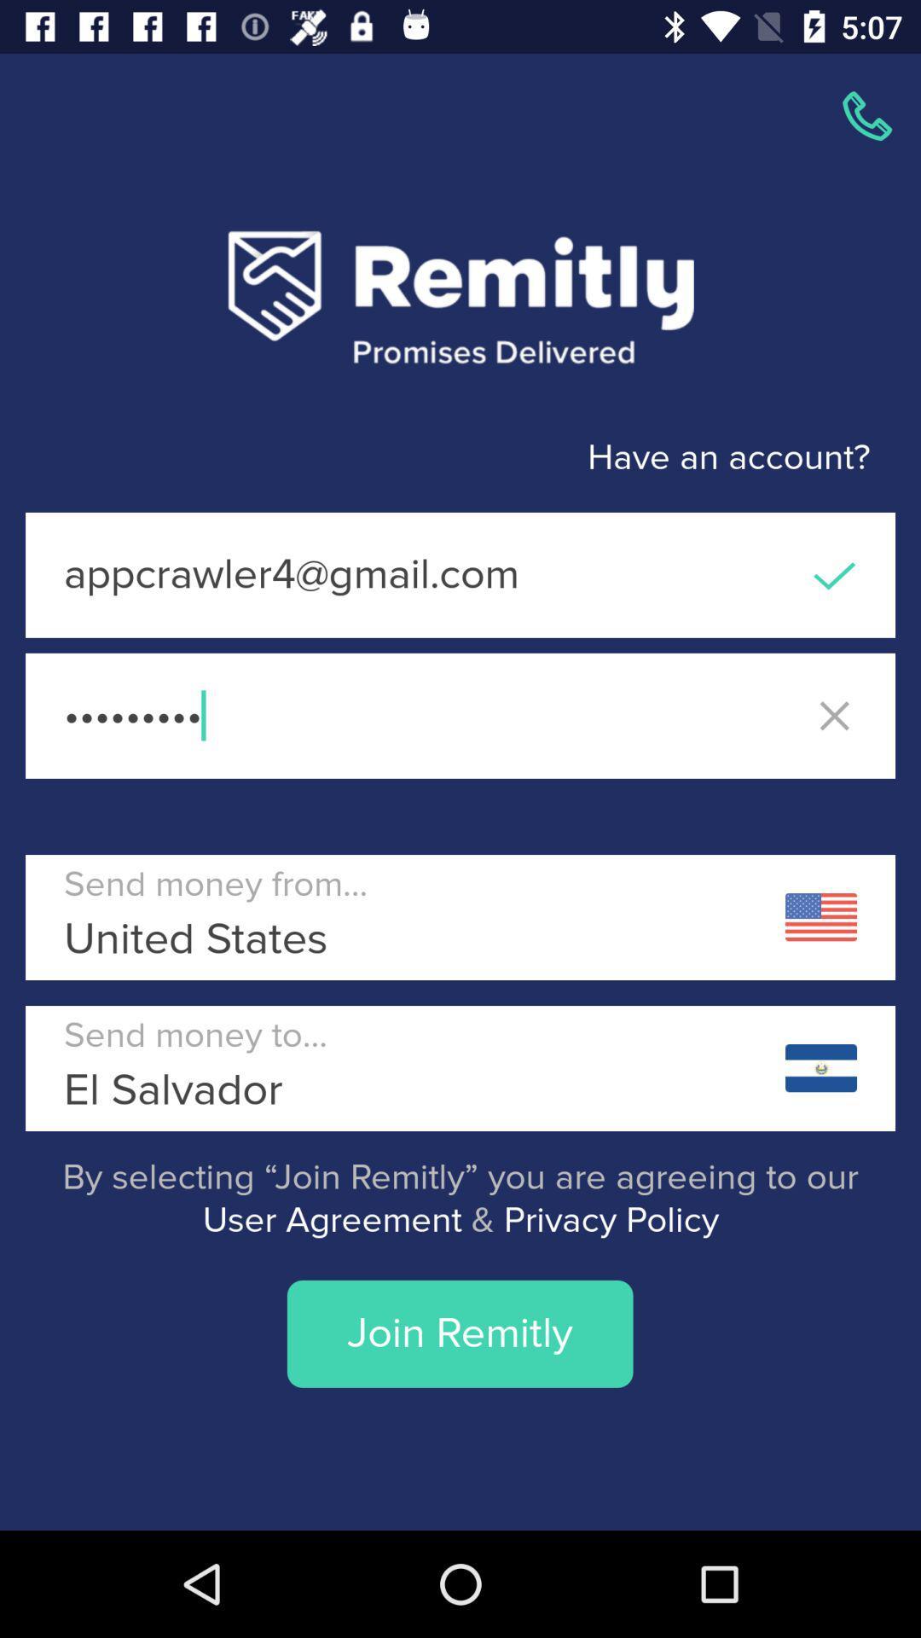 This screenshot has height=1638, width=921. What do you see at coordinates (460, 575) in the screenshot?
I see `item below the have an account? app` at bounding box center [460, 575].